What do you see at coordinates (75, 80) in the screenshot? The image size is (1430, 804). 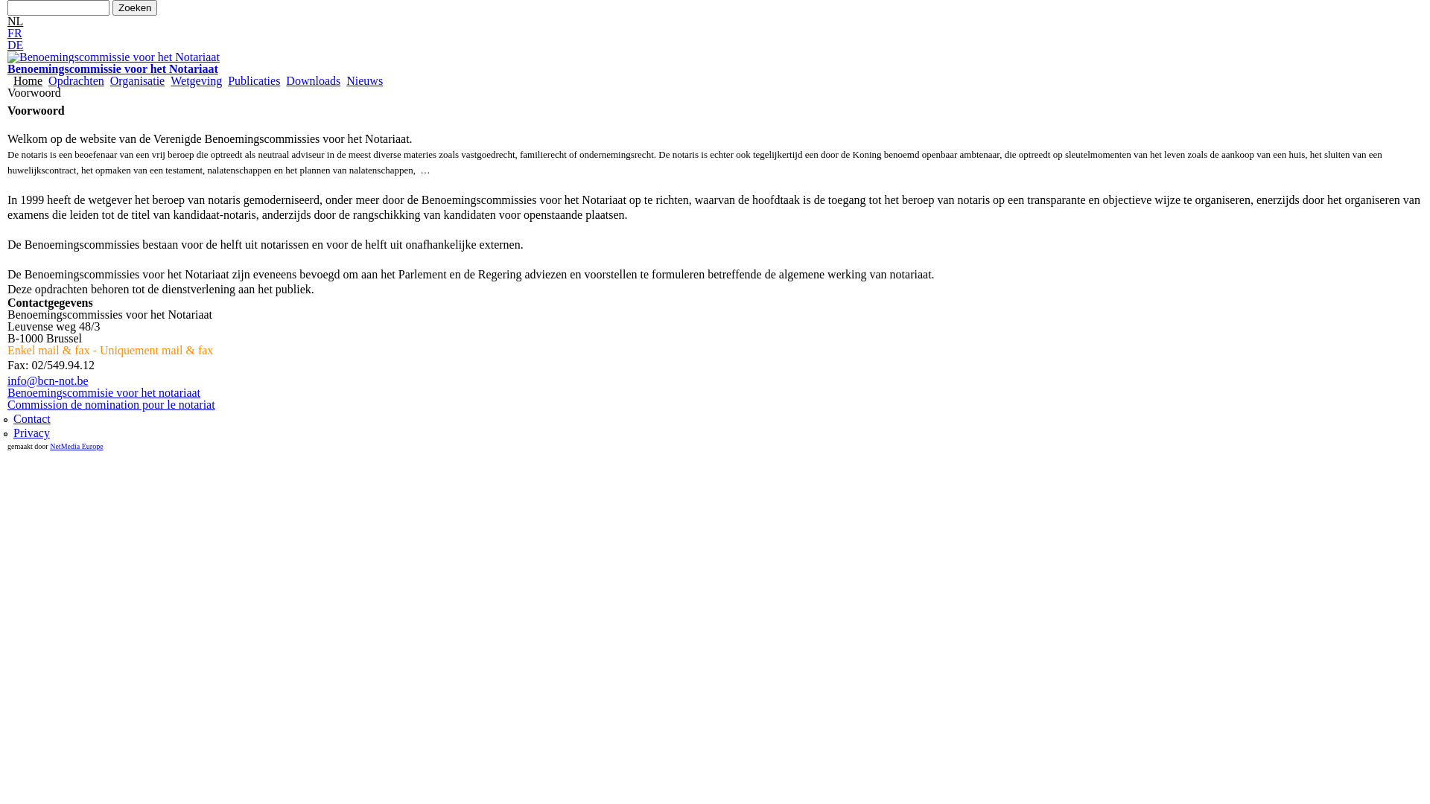 I see `'Opdrachten'` at bounding box center [75, 80].